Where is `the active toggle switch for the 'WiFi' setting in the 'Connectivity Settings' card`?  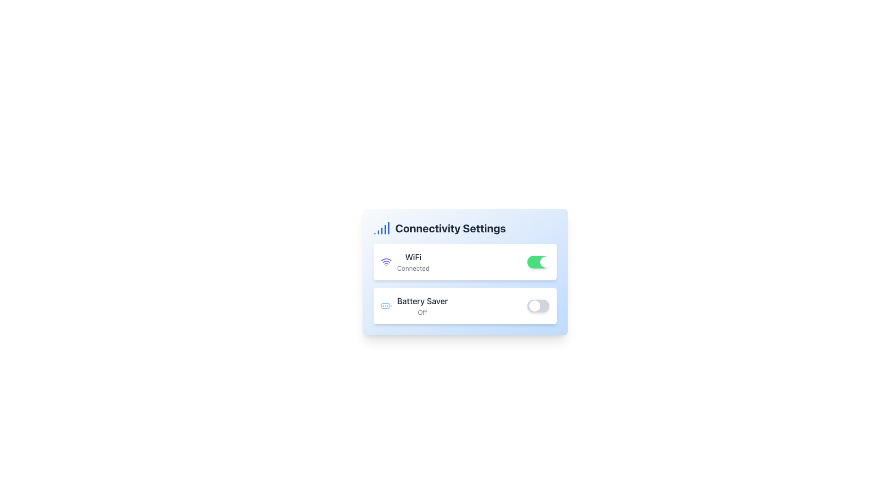 the active toggle switch for the 'WiFi' setting in the 'Connectivity Settings' card is located at coordinates (538, 262).